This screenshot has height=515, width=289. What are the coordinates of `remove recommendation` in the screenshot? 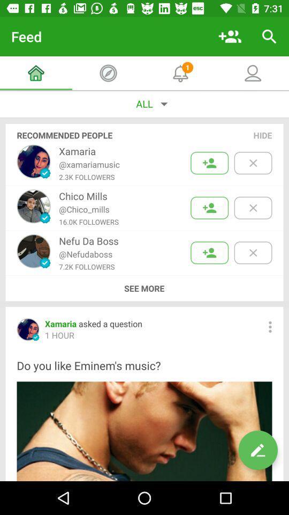 It's located at (253, 163).